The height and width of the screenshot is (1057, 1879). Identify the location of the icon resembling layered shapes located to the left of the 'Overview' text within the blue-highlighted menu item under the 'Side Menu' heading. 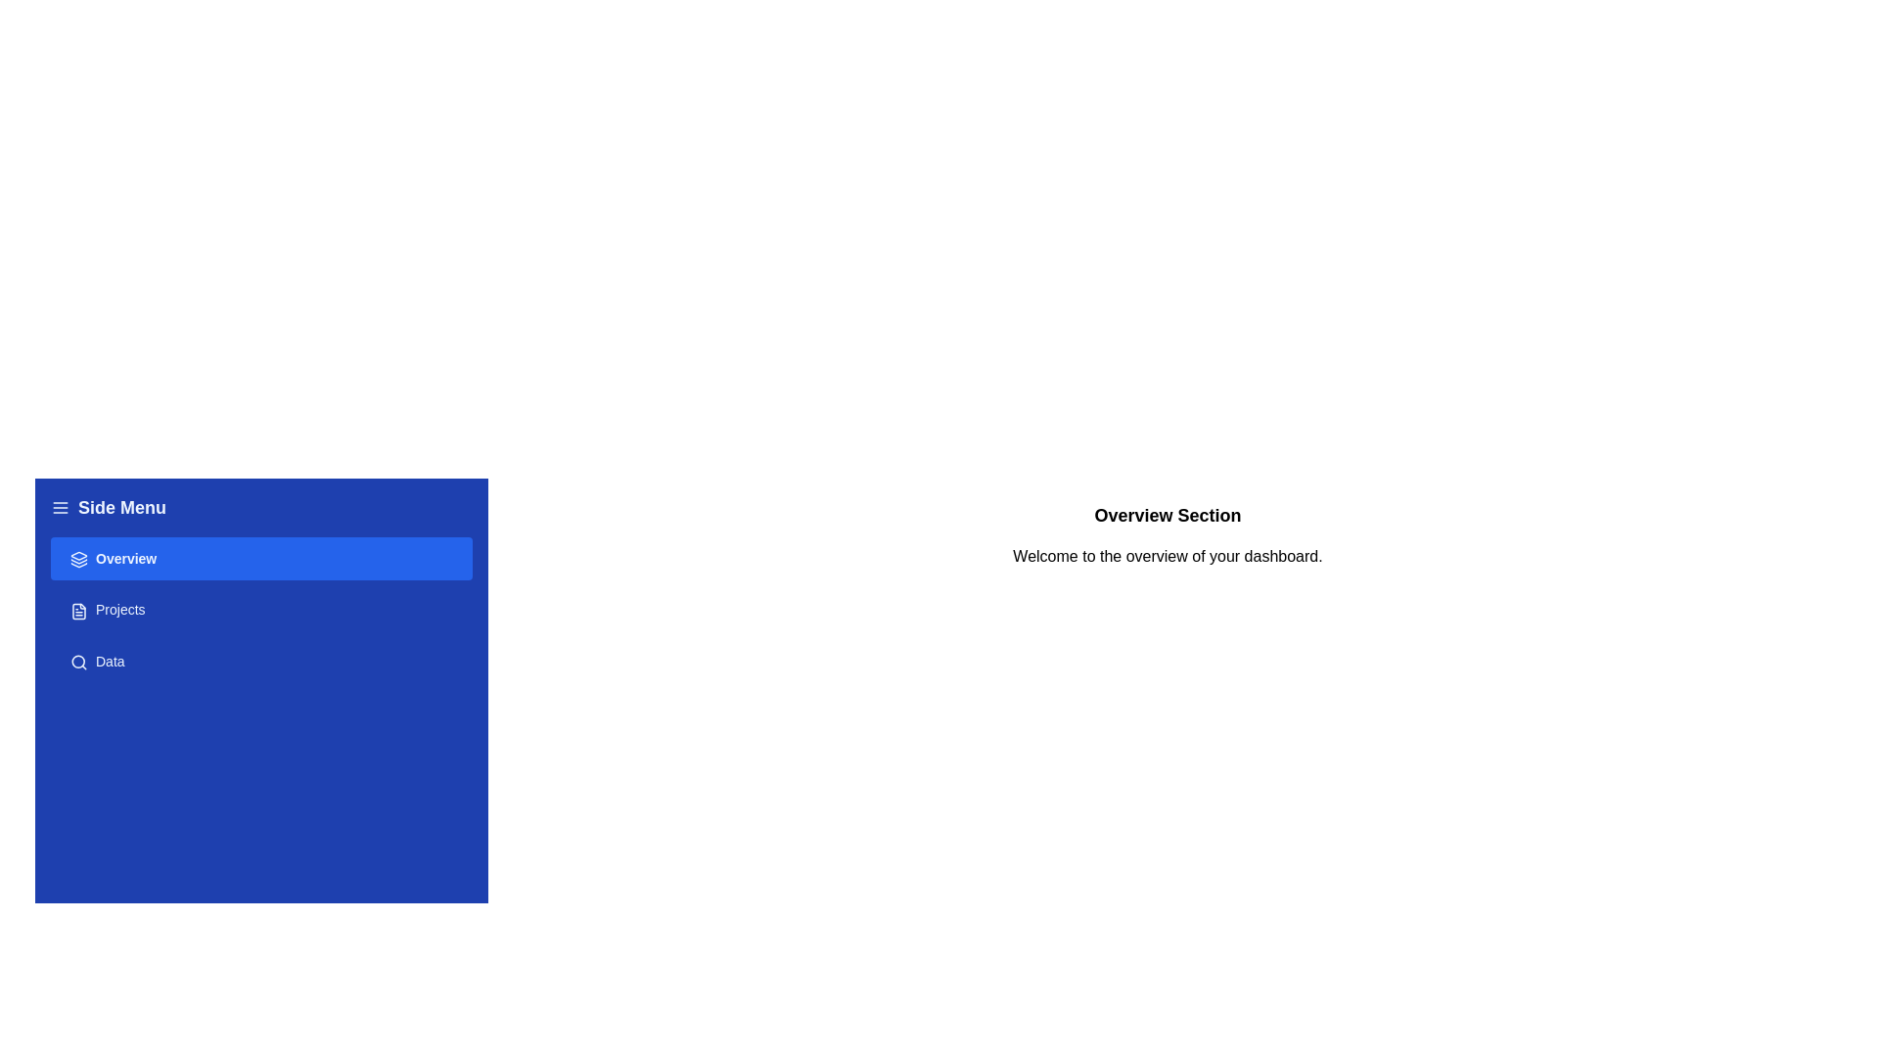
(78, 559).